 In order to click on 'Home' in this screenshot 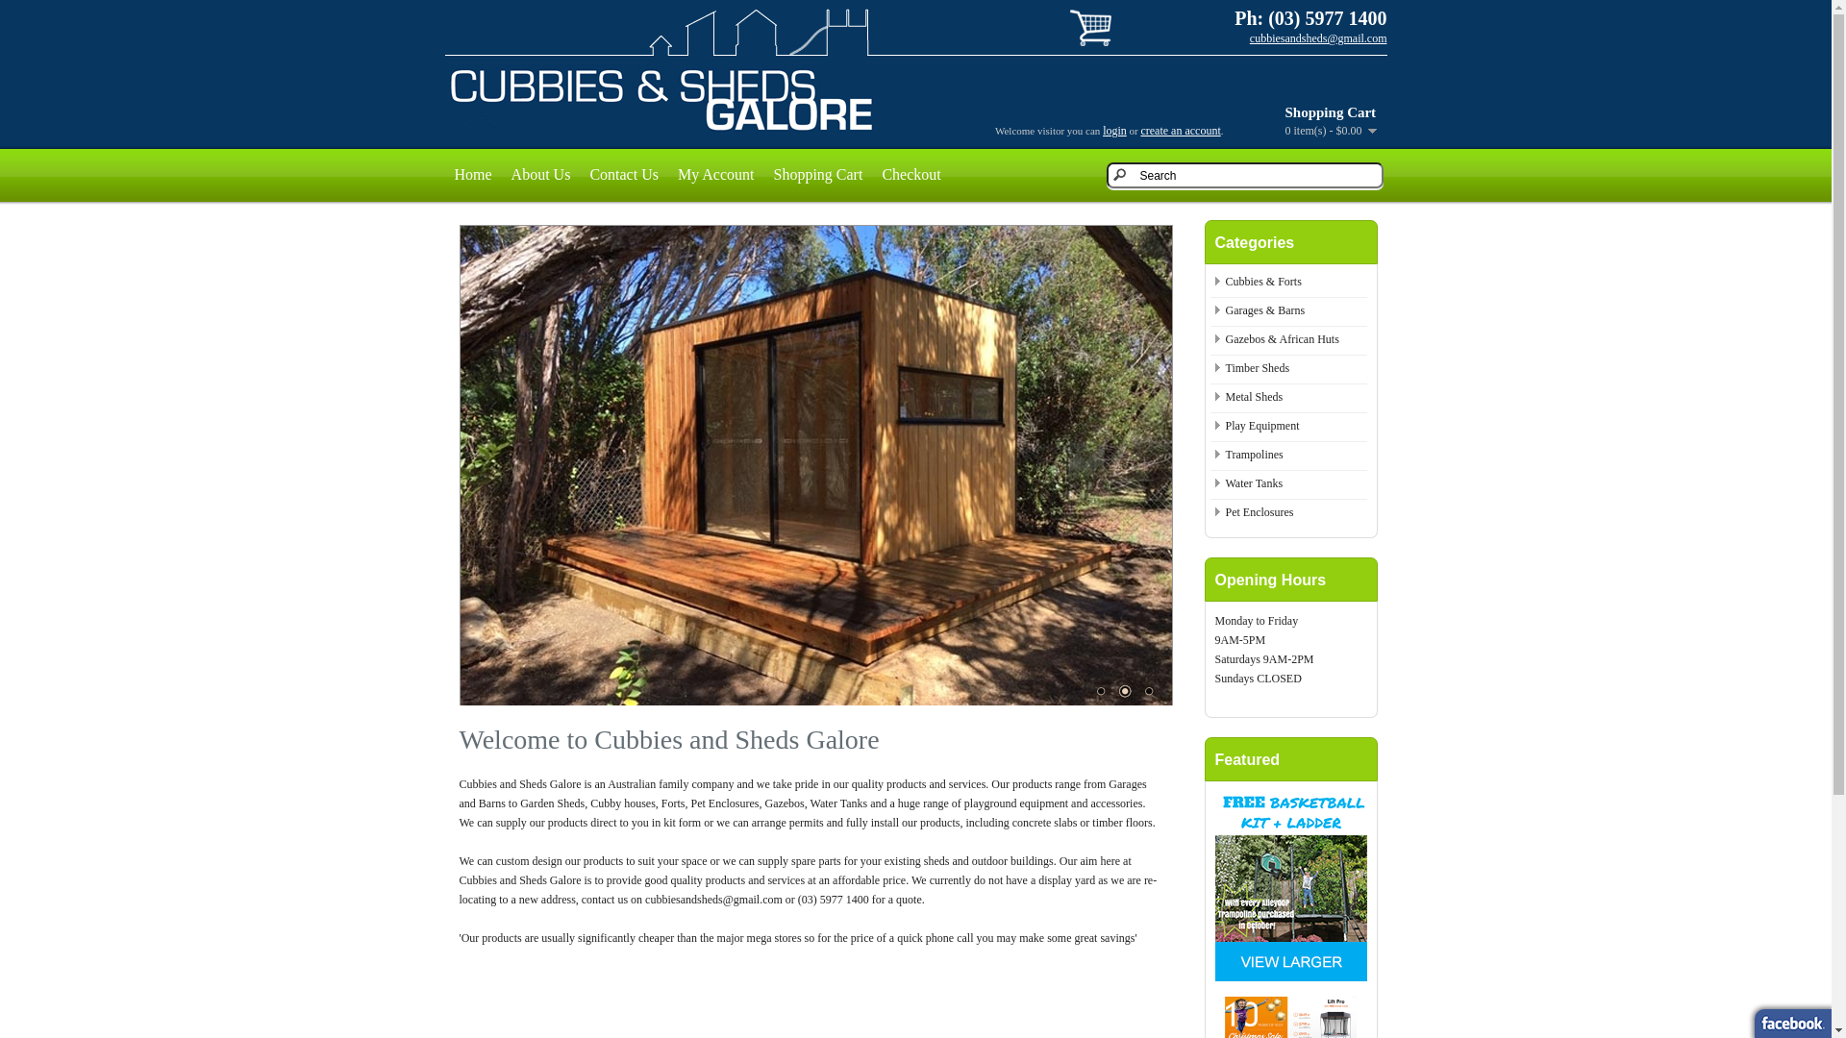, I will do `click(472, 174)`.